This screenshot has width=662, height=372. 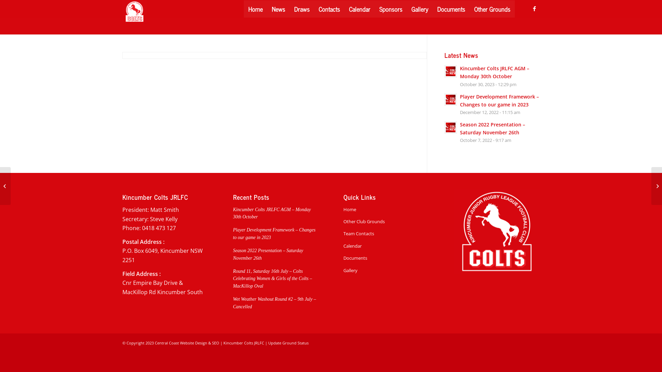 I want to click on 'Facebook', so click(x=534, y=8).